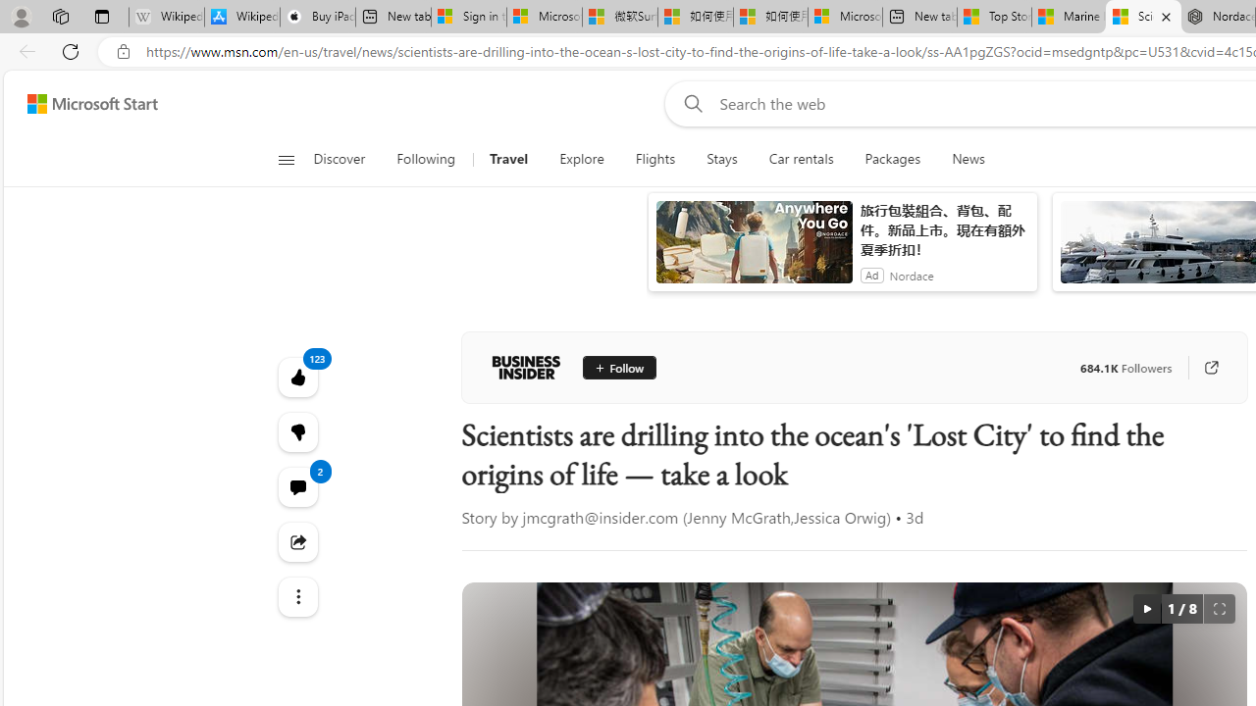 This screenshot has height=706, width=1256. I want to click on 'Business Insider', so click(526, 368).